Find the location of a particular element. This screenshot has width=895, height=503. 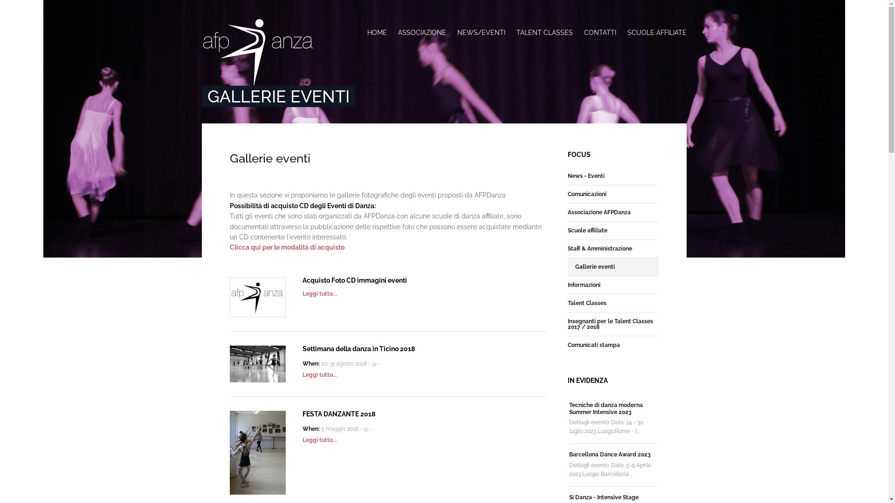

'News - Eventi' is located at coordinates (585, 176).